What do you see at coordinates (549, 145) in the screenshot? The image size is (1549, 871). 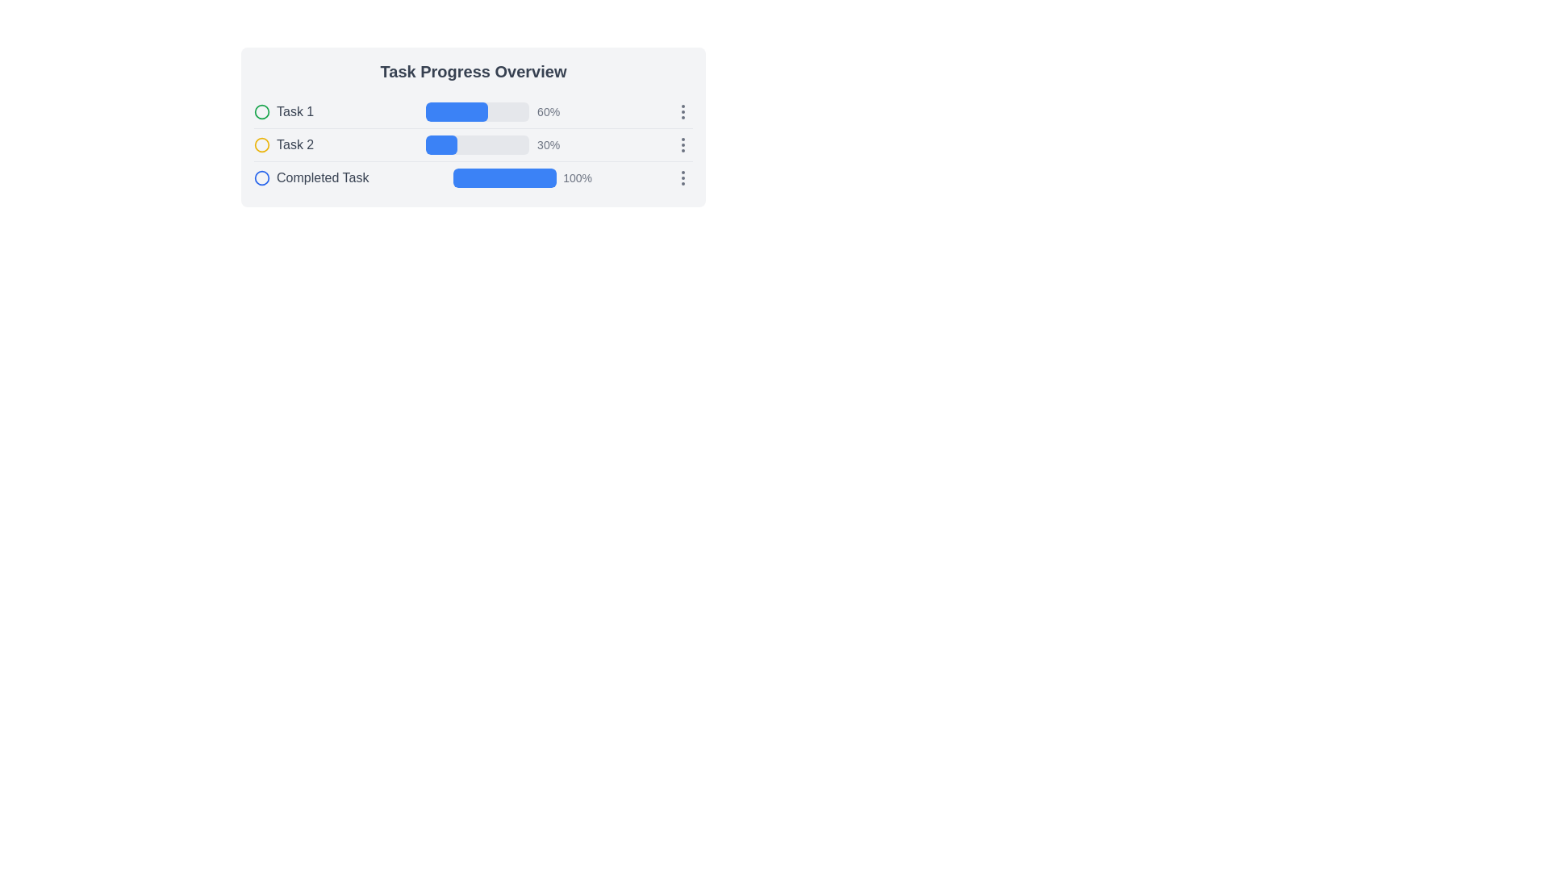 I see `the static text component that displays the percentage completed for 'Task 2' in the 'Task Progress Overview' list` at bounding box center [549, 145].